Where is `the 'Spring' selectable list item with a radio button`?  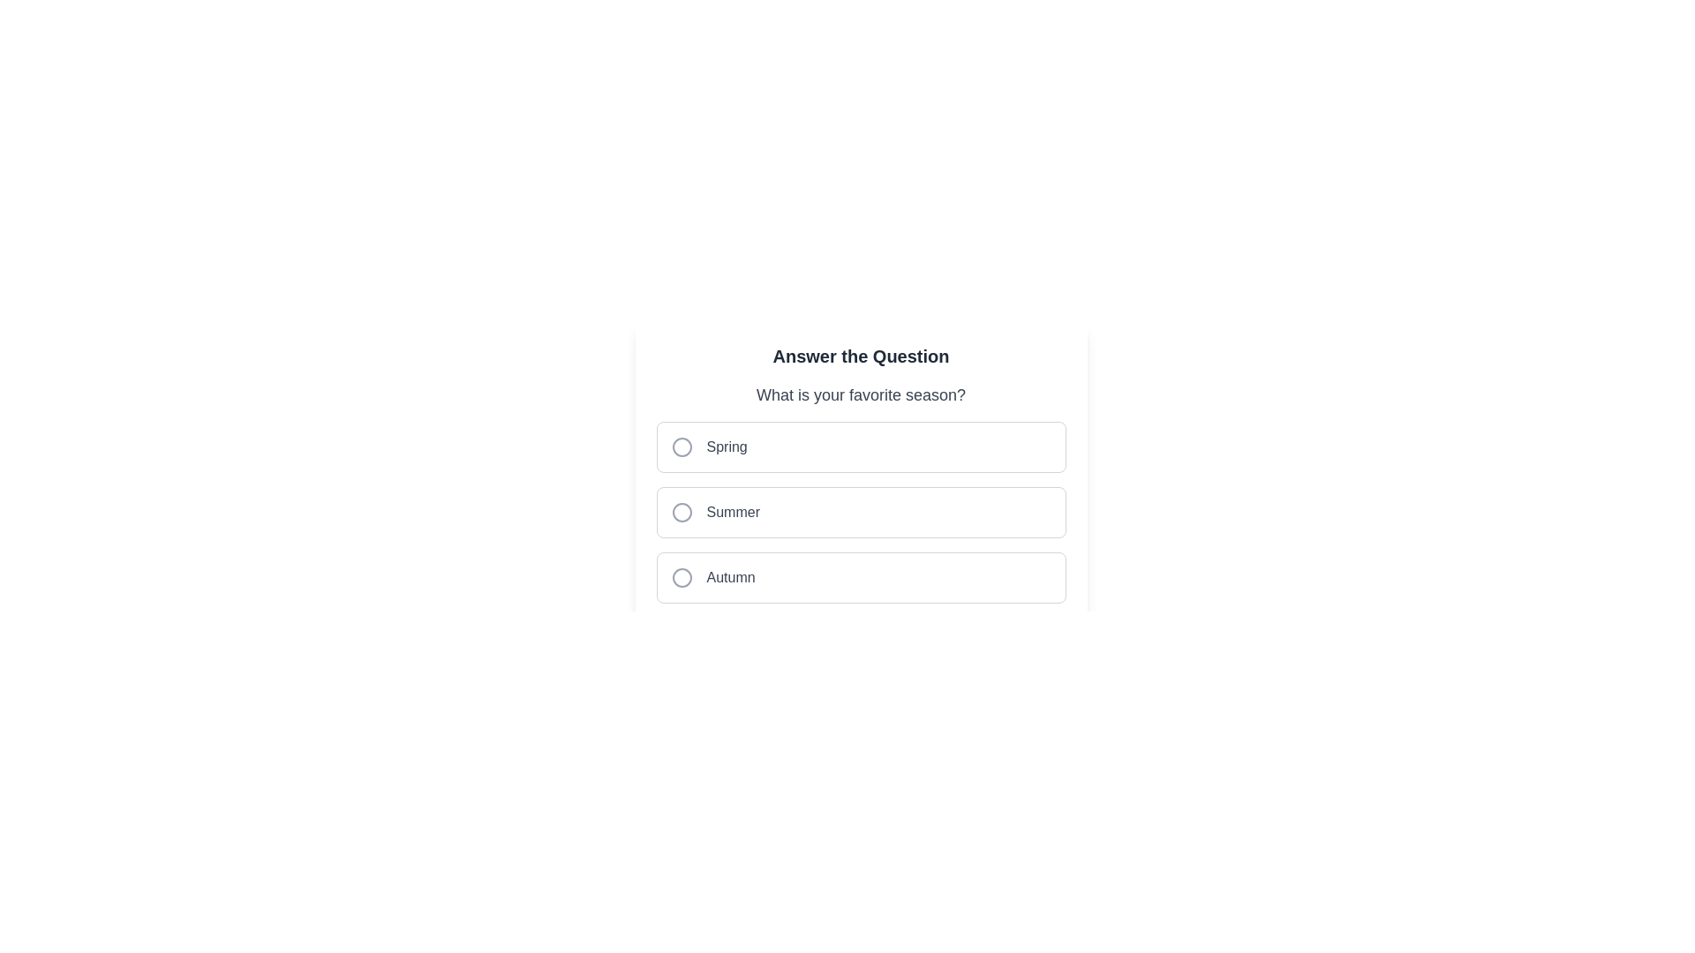 the 'Spring' selectable list item with a radio button is located at coordinates (861, 446).